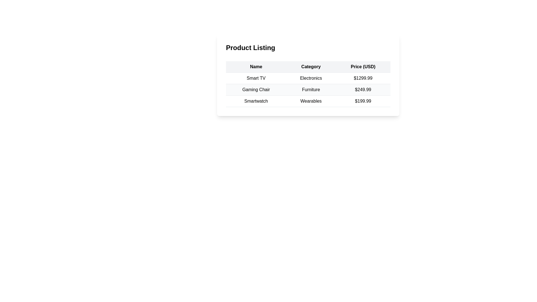 This screenshot has height=302, width=537. I want to click on the 'Price (USD)' text label in the table header, which is styled in bold and positioned against a light gray background, so click(363, 67).